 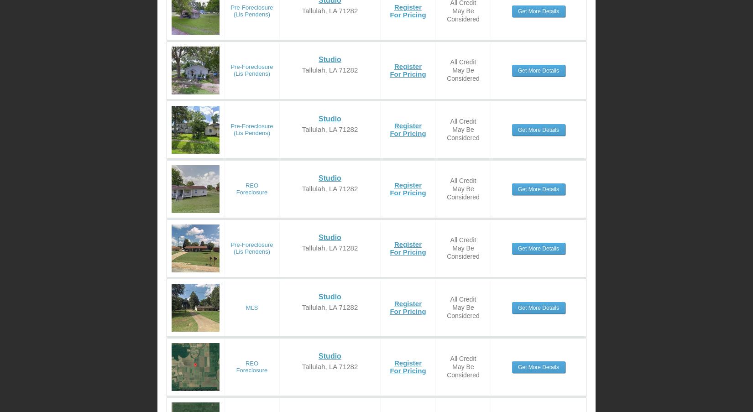 What do you see at coordinates (251, 307) in the screenshot?
I see `'MLS'` at bounding box center [251, 307].